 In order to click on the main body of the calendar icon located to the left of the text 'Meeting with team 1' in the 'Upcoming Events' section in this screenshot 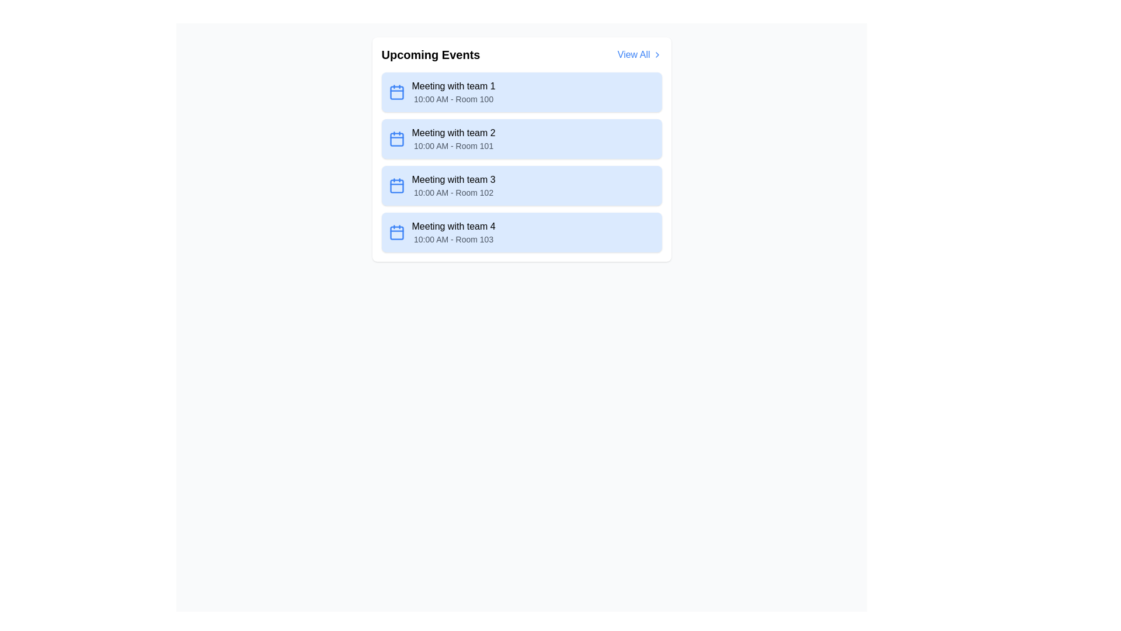, I will do `click(396, 92)`.